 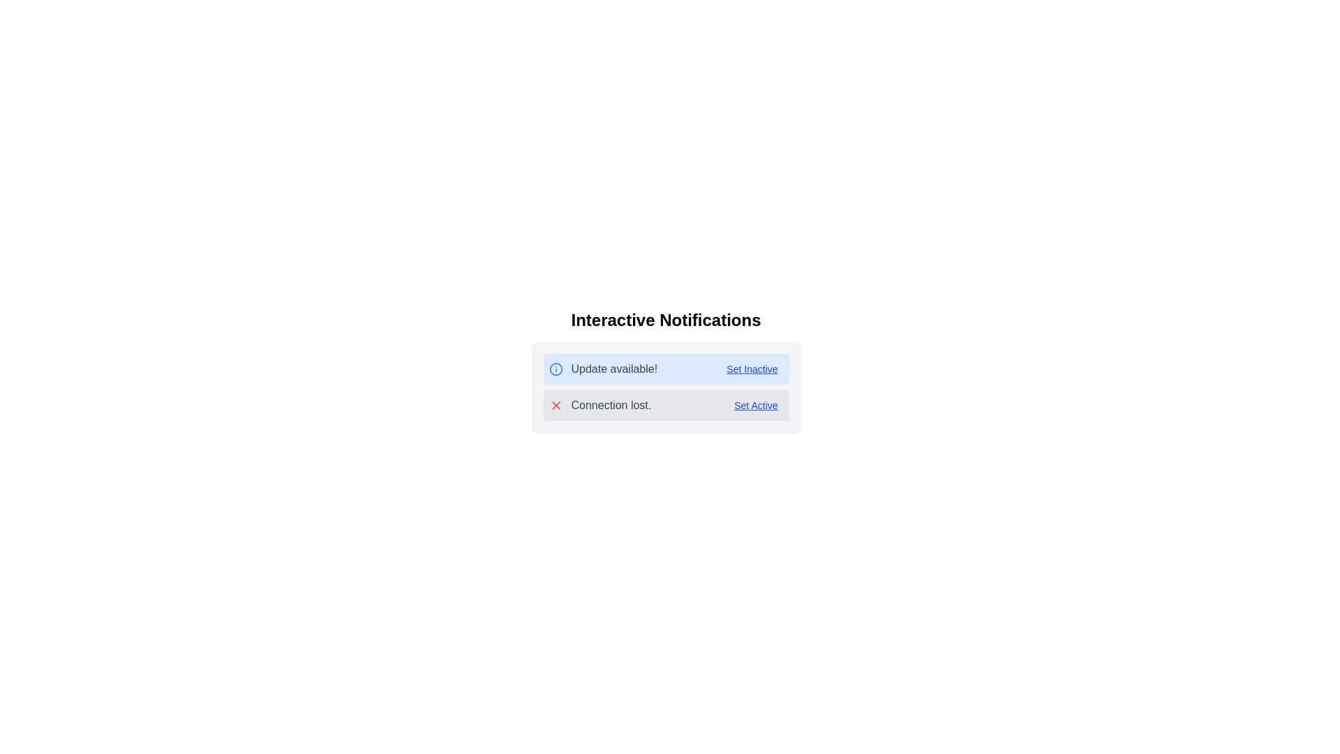 I want to click on the Notification Component that informs the user about an available update, which is the first notification in a stack of notifications, so click(x=665, y=368).